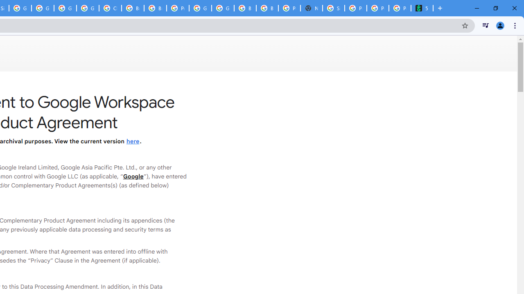  I want to click on 'Google Cloud Platform', so click(223, 8).